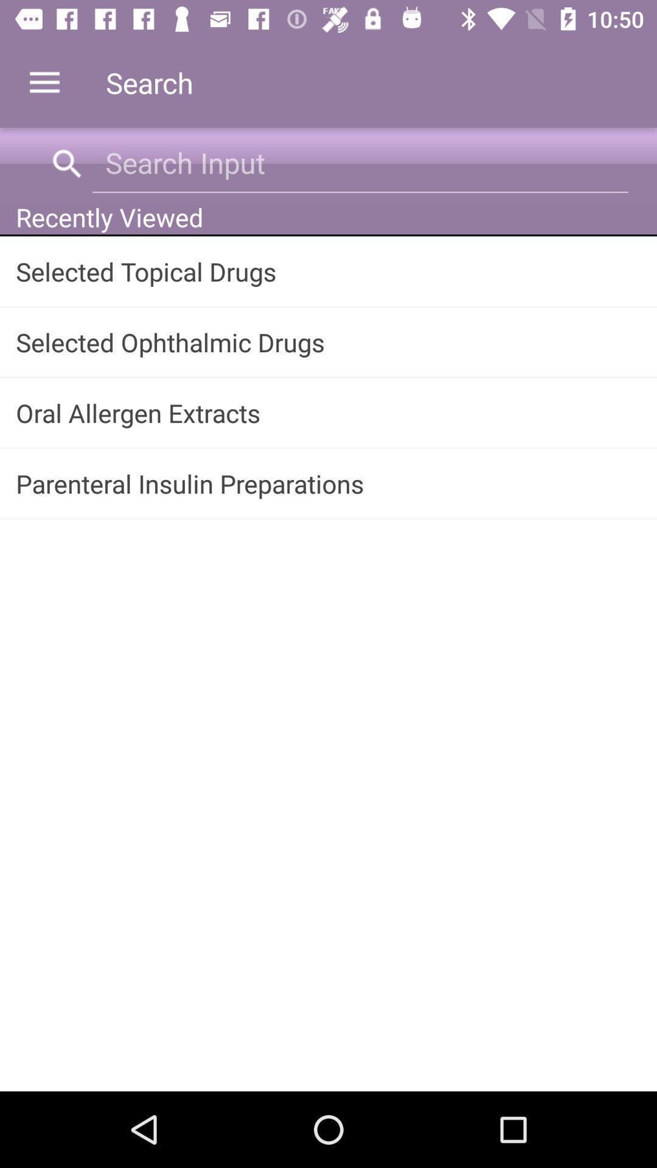  Describe the element at coordinates (328, 341) in the screenshot. I see `the selected ophthalmic drugs icon` at that location.